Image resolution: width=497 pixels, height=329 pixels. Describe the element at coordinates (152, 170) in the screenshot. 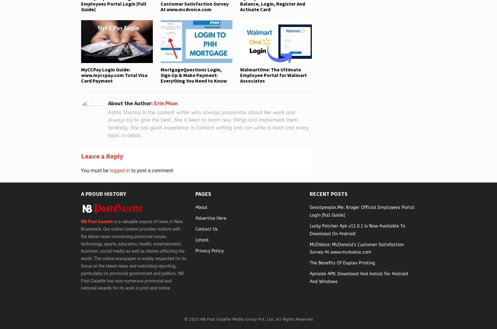

I see `'to post a comment.'` at that location.